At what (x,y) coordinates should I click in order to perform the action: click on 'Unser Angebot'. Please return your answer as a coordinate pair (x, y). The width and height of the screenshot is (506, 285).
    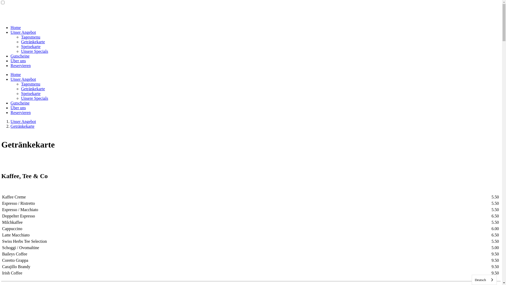
    Looking at the image, I should click on (23, 121).